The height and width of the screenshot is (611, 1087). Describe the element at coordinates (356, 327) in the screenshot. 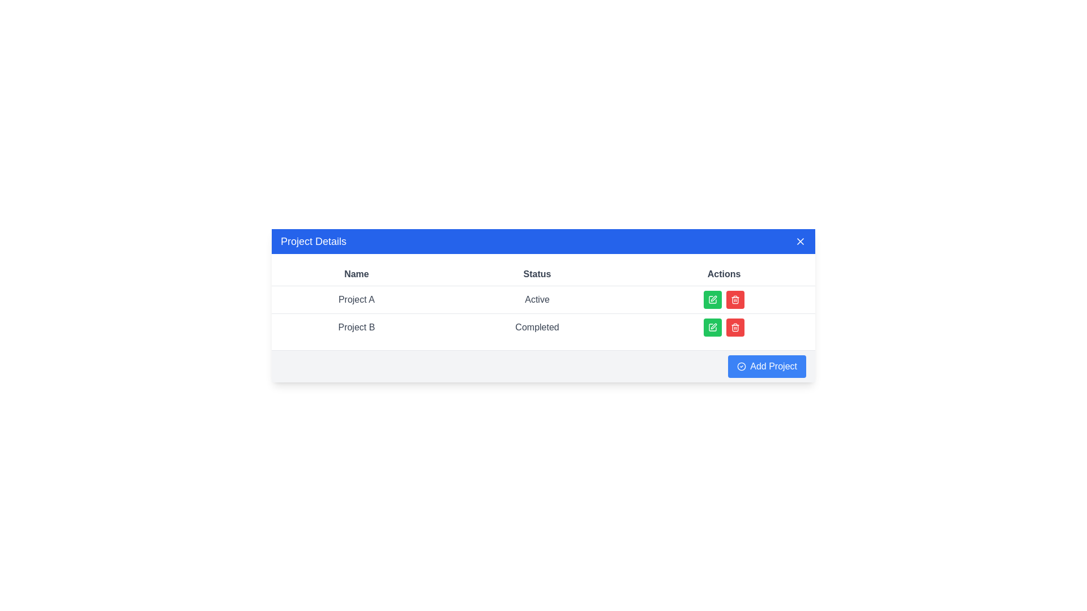

I see `the text label displaying 'Project B' located in the second row of the table under the 'Name' column, adjacent to the 'Completed' status and 'Actions' columns` at that location.